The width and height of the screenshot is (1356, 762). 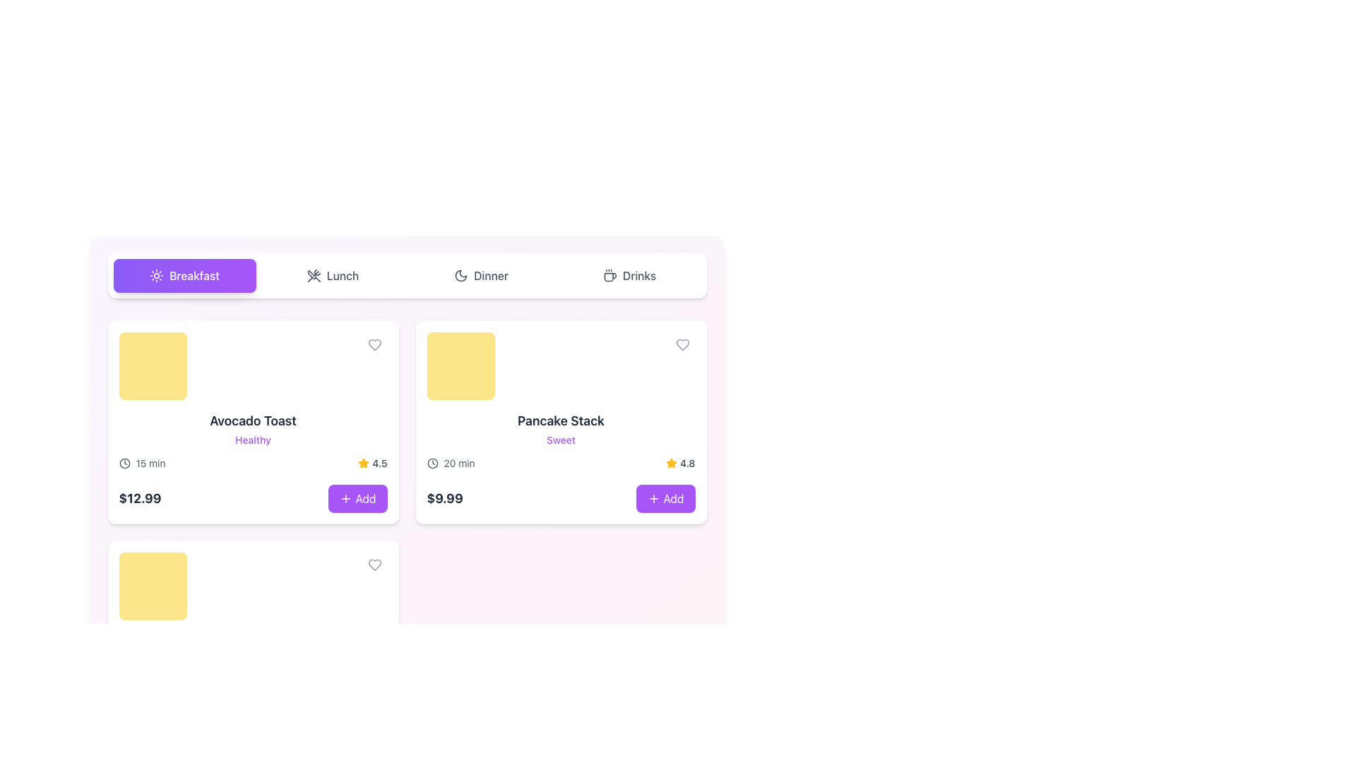 What do you see at coordinates (460, 275) in the screenshot?
I see `the 'Dinner' menu icon` at bounding box center [460, 275].